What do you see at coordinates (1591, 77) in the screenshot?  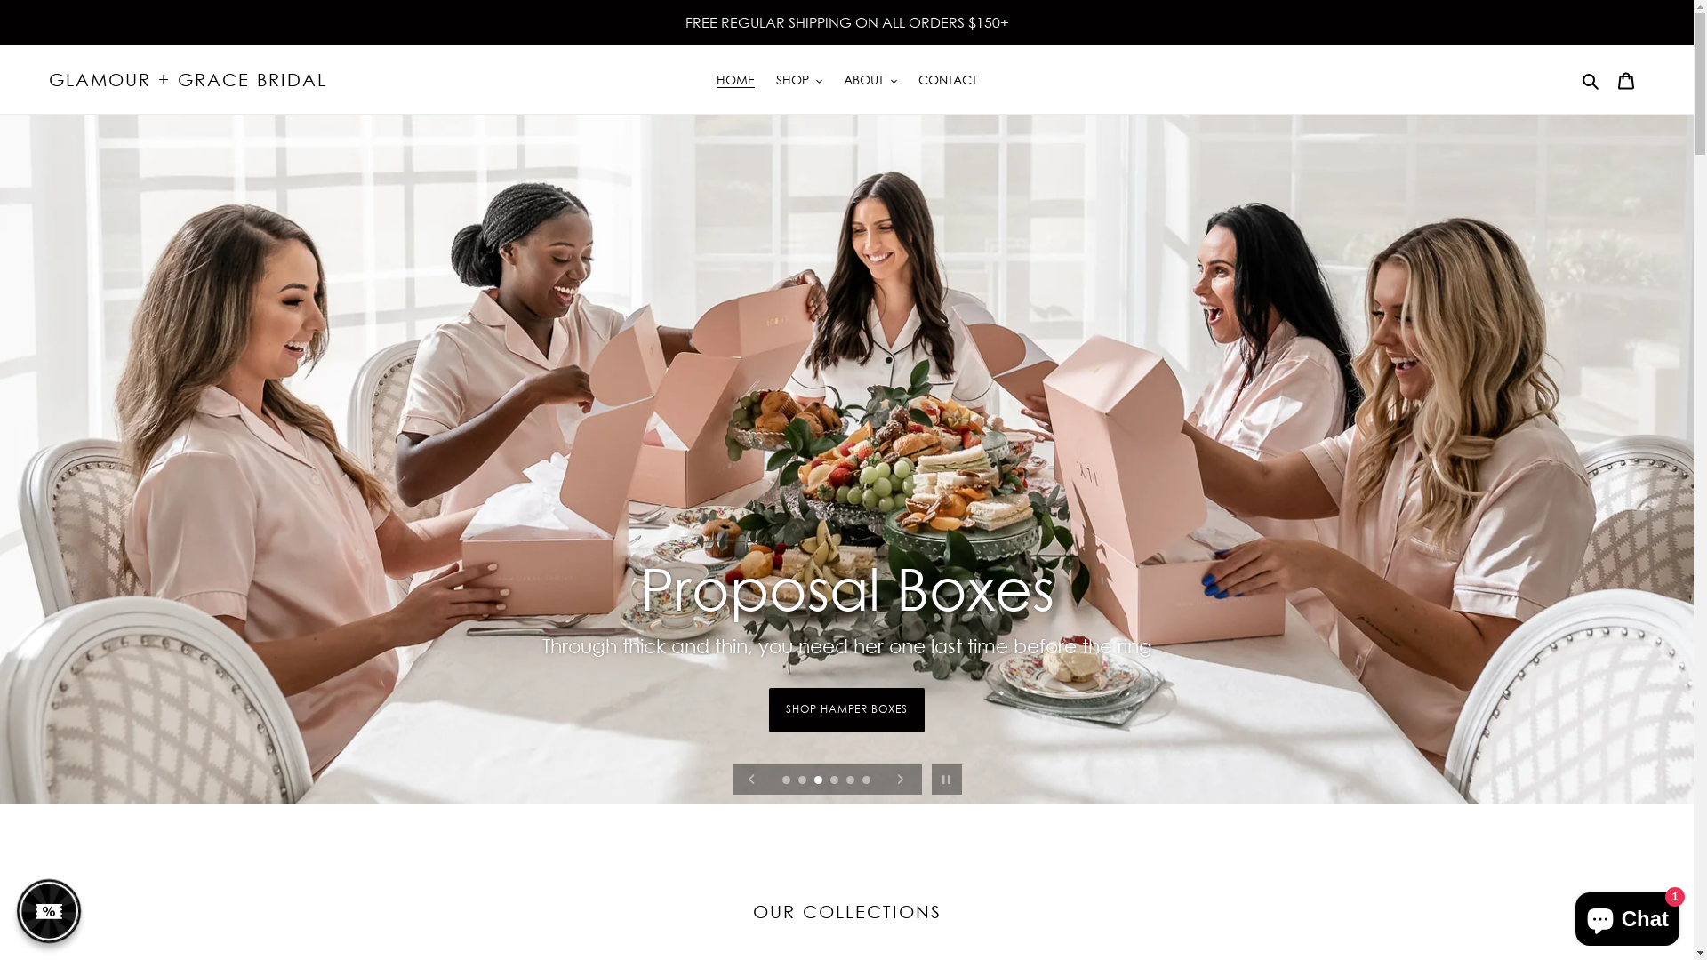 I see `'Search'` at bounding box center [1591, 77].